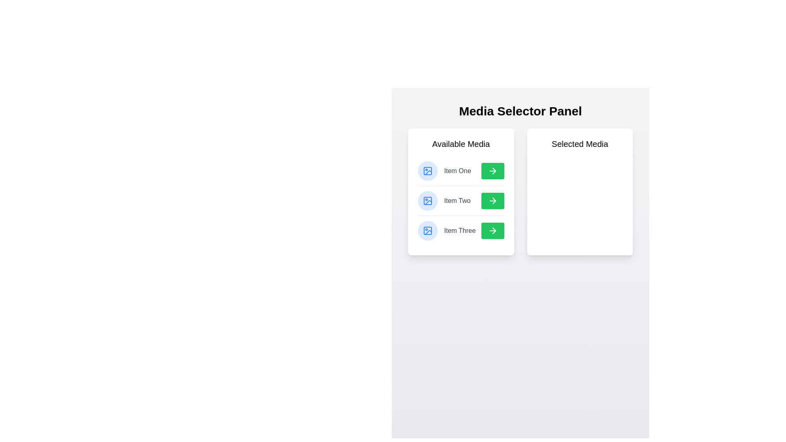  Describe the element at coordinates (461, 201) in the screenshot. I see `the second item labeled 'Item Two' in the list of selectable media items within the 'Available Media' panel` at that location.